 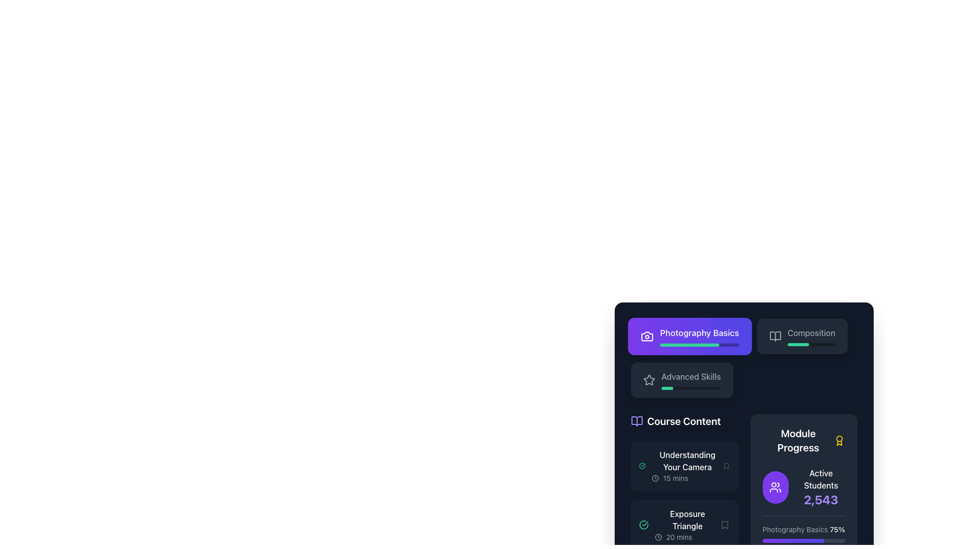 What do you see at coordinates (687, 466) in the screenshot?
I see `the course module list item labeled 'Understanding Your Camera' located` at bounding box center [687, 466].